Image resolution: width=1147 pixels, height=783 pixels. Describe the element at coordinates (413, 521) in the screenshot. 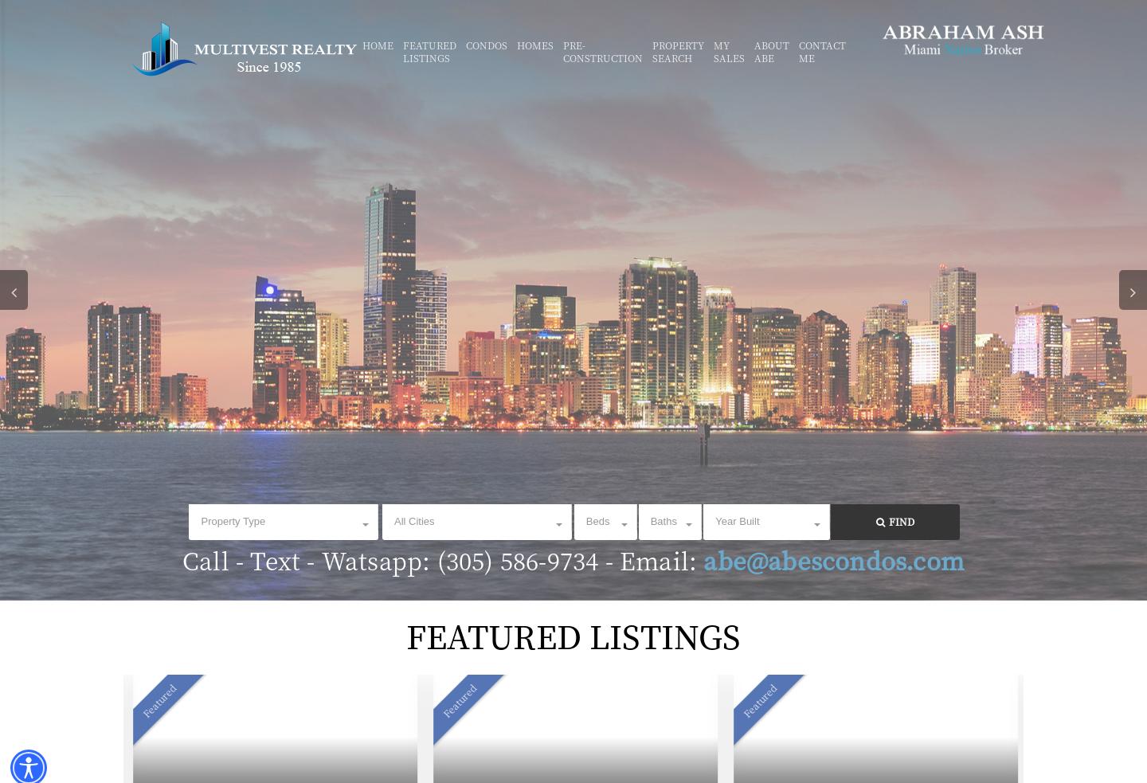

I see `'All Cities'` at that location.